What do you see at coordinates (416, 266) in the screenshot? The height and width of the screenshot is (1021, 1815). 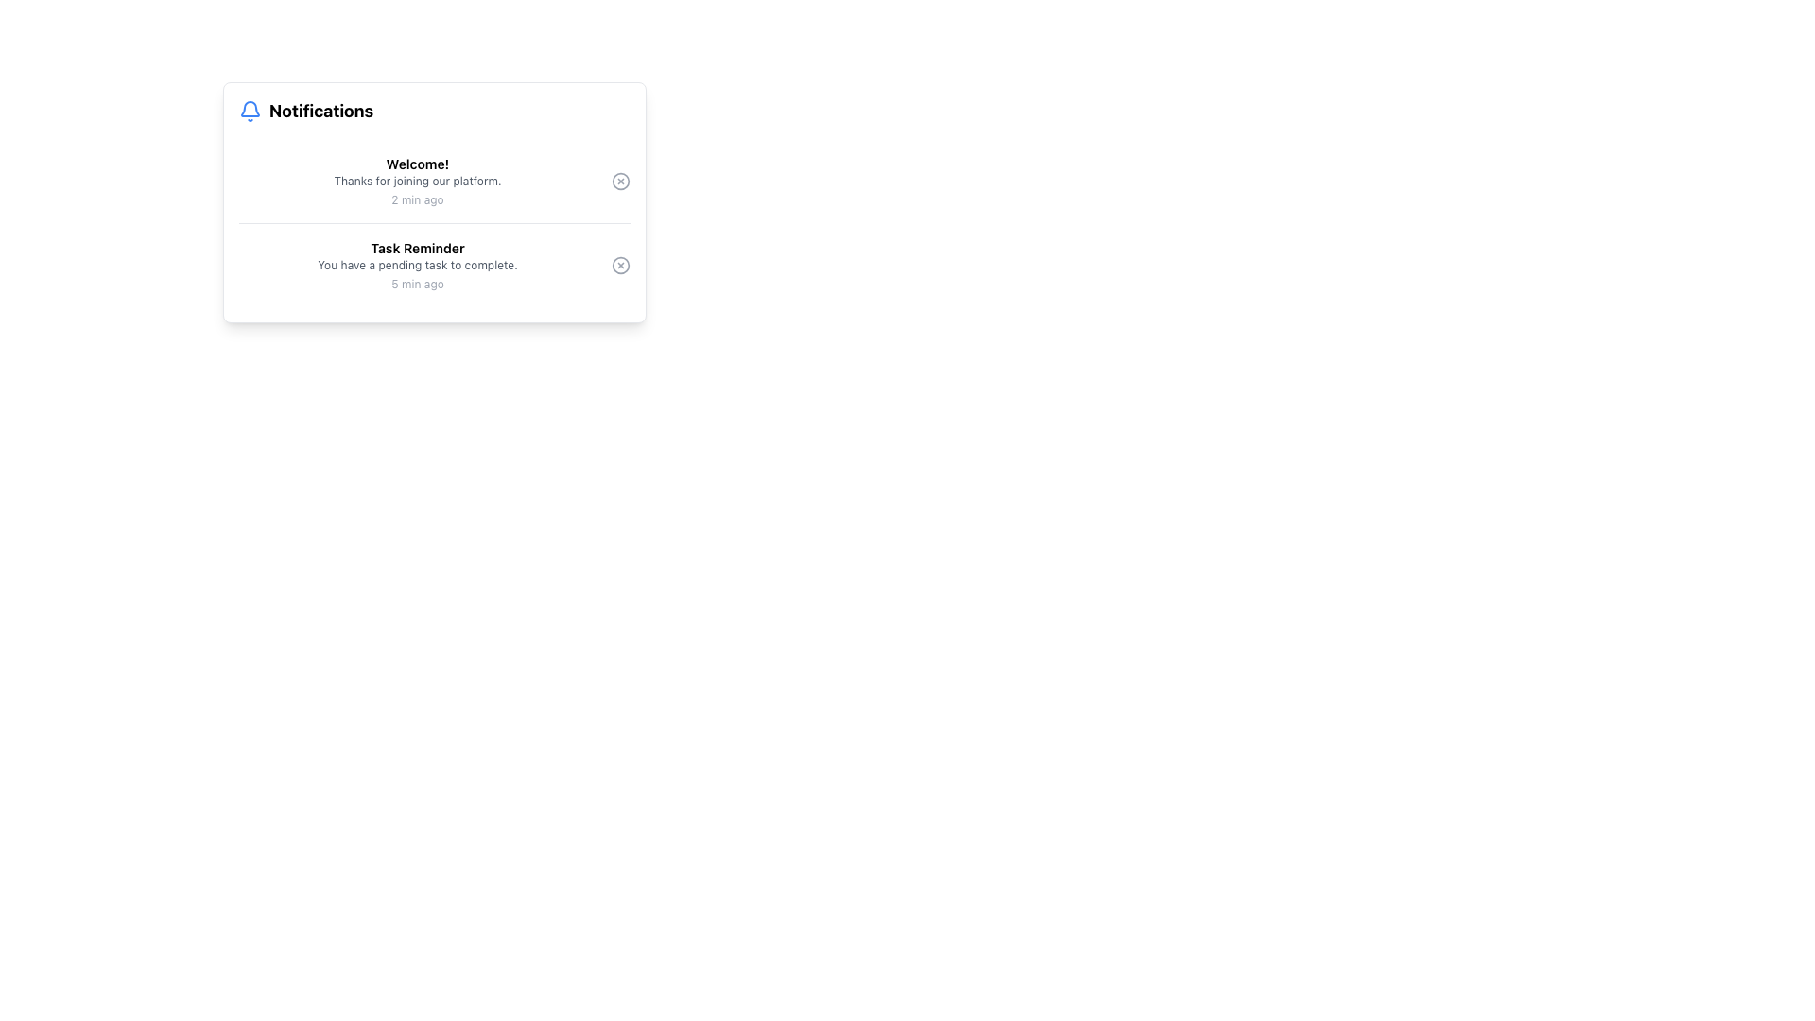 I see `notification content from the second notification message in the center-left section of the notification panel, which provides context and a timestamp for a pending task` at bounding box center [416, 266].